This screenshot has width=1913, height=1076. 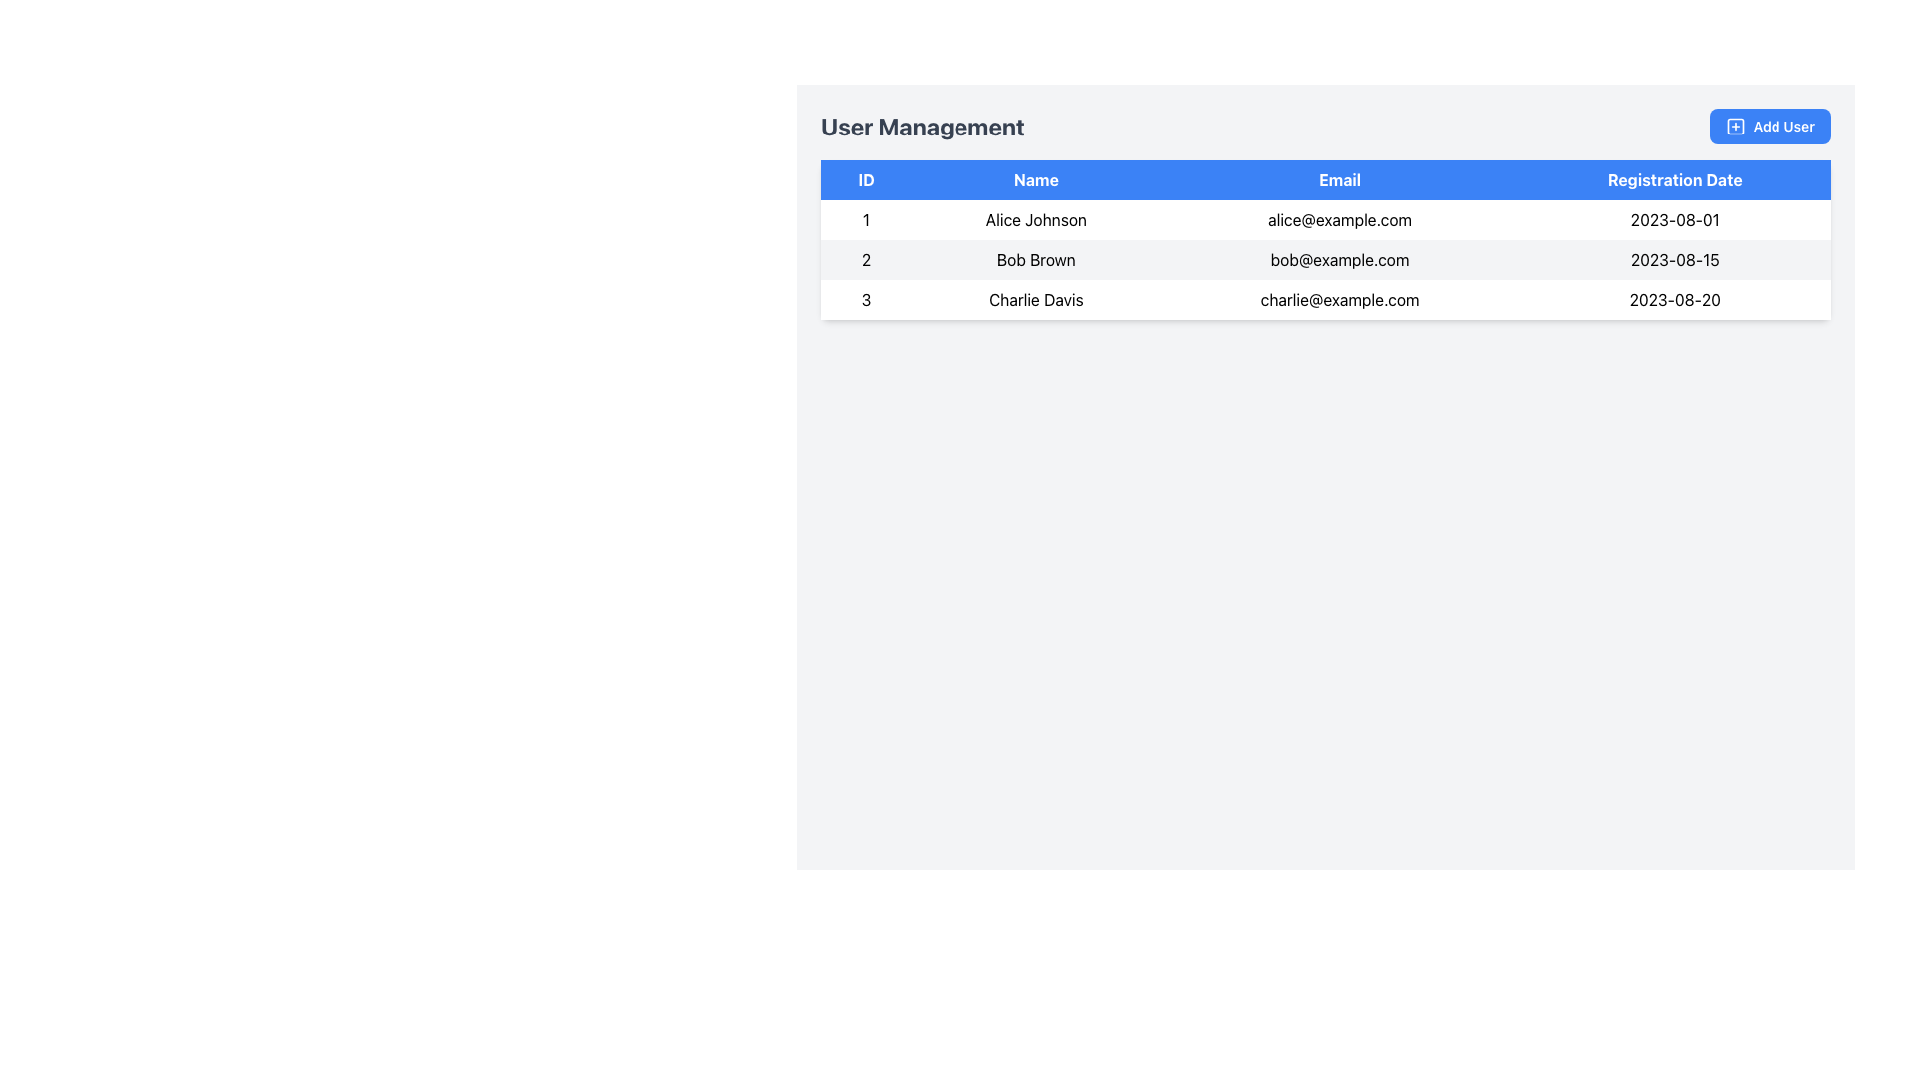 What do you see at coordinates (1036, 219) in the screenshot?
I see `the text label displaying 'Alice Johnson' in the first row of the user information table under the 'Name' column` at bounding box center [1036, 219].